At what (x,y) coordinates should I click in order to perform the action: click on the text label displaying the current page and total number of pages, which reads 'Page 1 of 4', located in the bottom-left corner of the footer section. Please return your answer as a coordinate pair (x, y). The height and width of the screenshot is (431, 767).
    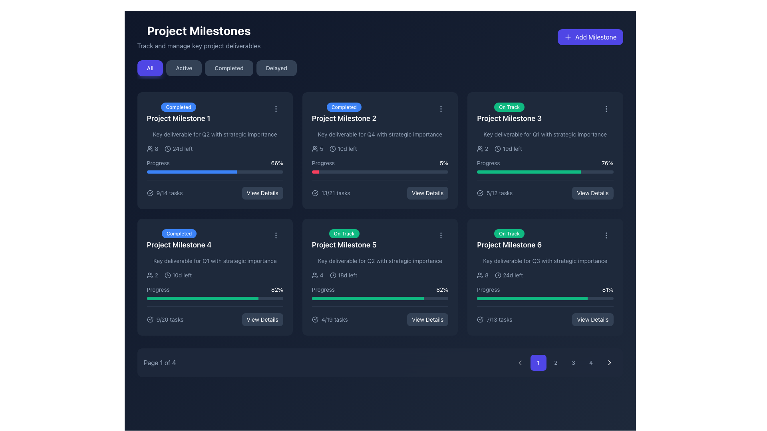
    Looking at the image, I should click on (159, 363).